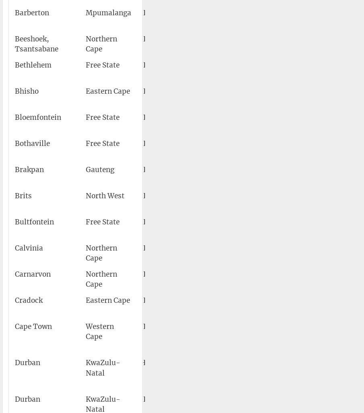 This screenshot has height=413, width=364. I want to click on '25°43′03″S 030°58′30″E', so click(302, 17).